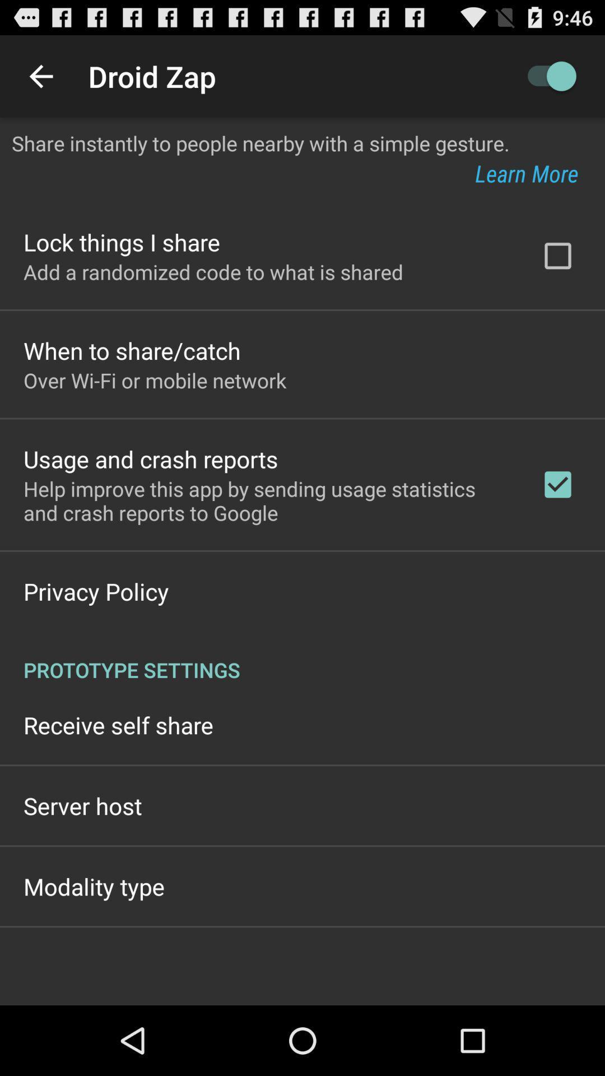 This screenshot has height=1076, width=605. What do you see at coordinates (546, 76) in the screenshot?
I see `off` at bounding box center [546, 76].